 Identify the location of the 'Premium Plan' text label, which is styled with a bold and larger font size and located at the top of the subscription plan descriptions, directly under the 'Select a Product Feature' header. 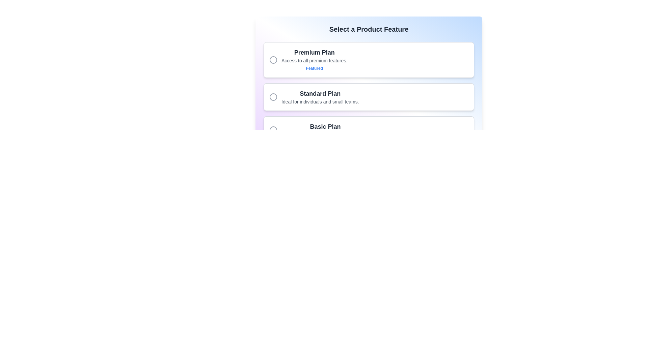
(314, 52).